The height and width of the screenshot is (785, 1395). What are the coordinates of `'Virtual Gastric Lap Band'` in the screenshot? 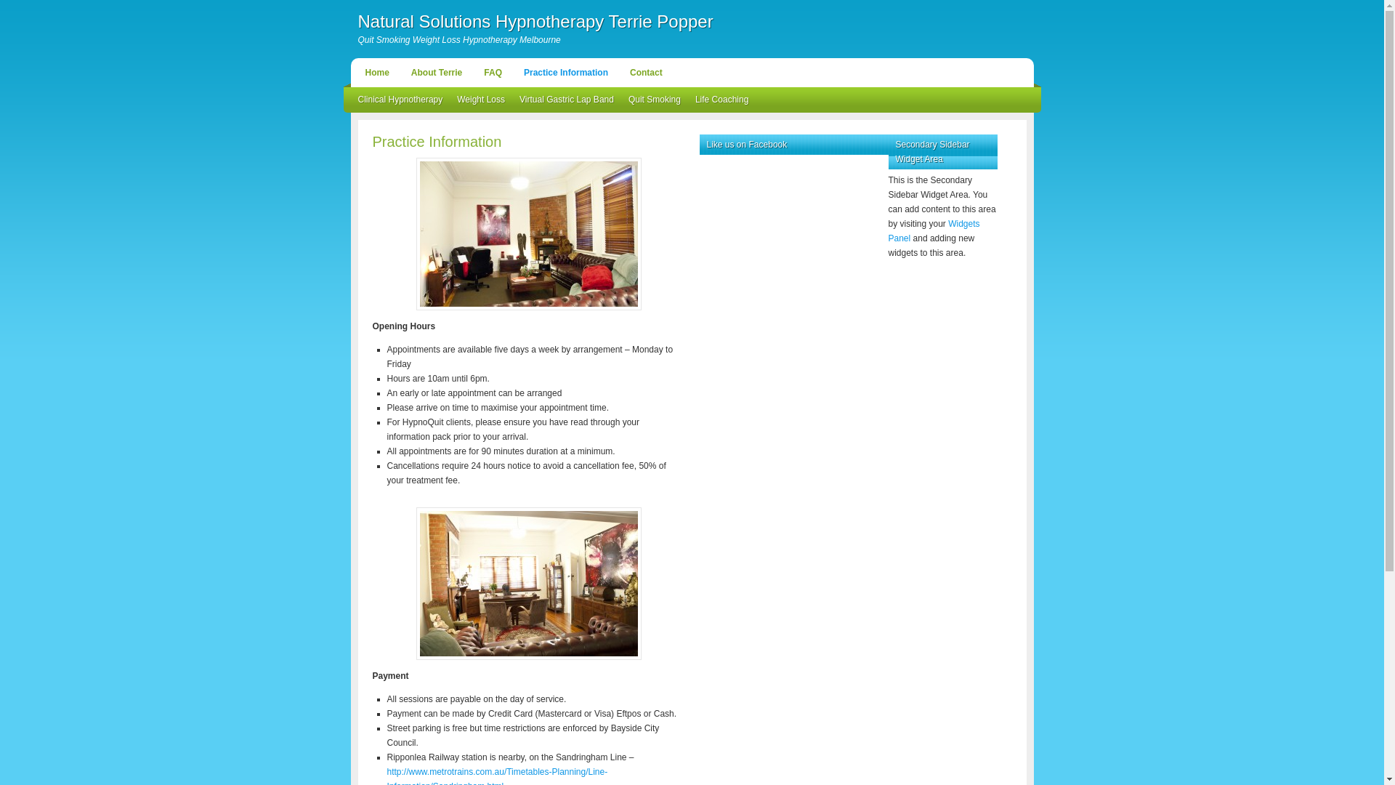 It's located at (565, 99).